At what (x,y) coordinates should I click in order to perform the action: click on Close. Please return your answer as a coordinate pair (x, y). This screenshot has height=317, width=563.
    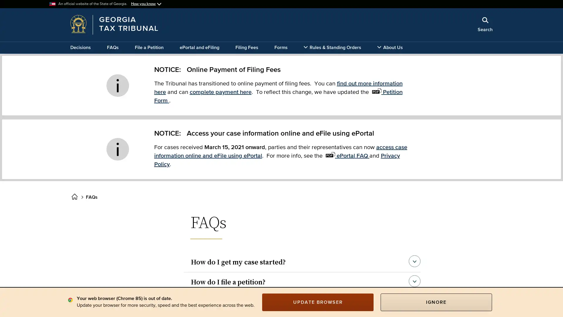
    Looking at the image, I should click on (486, 18).